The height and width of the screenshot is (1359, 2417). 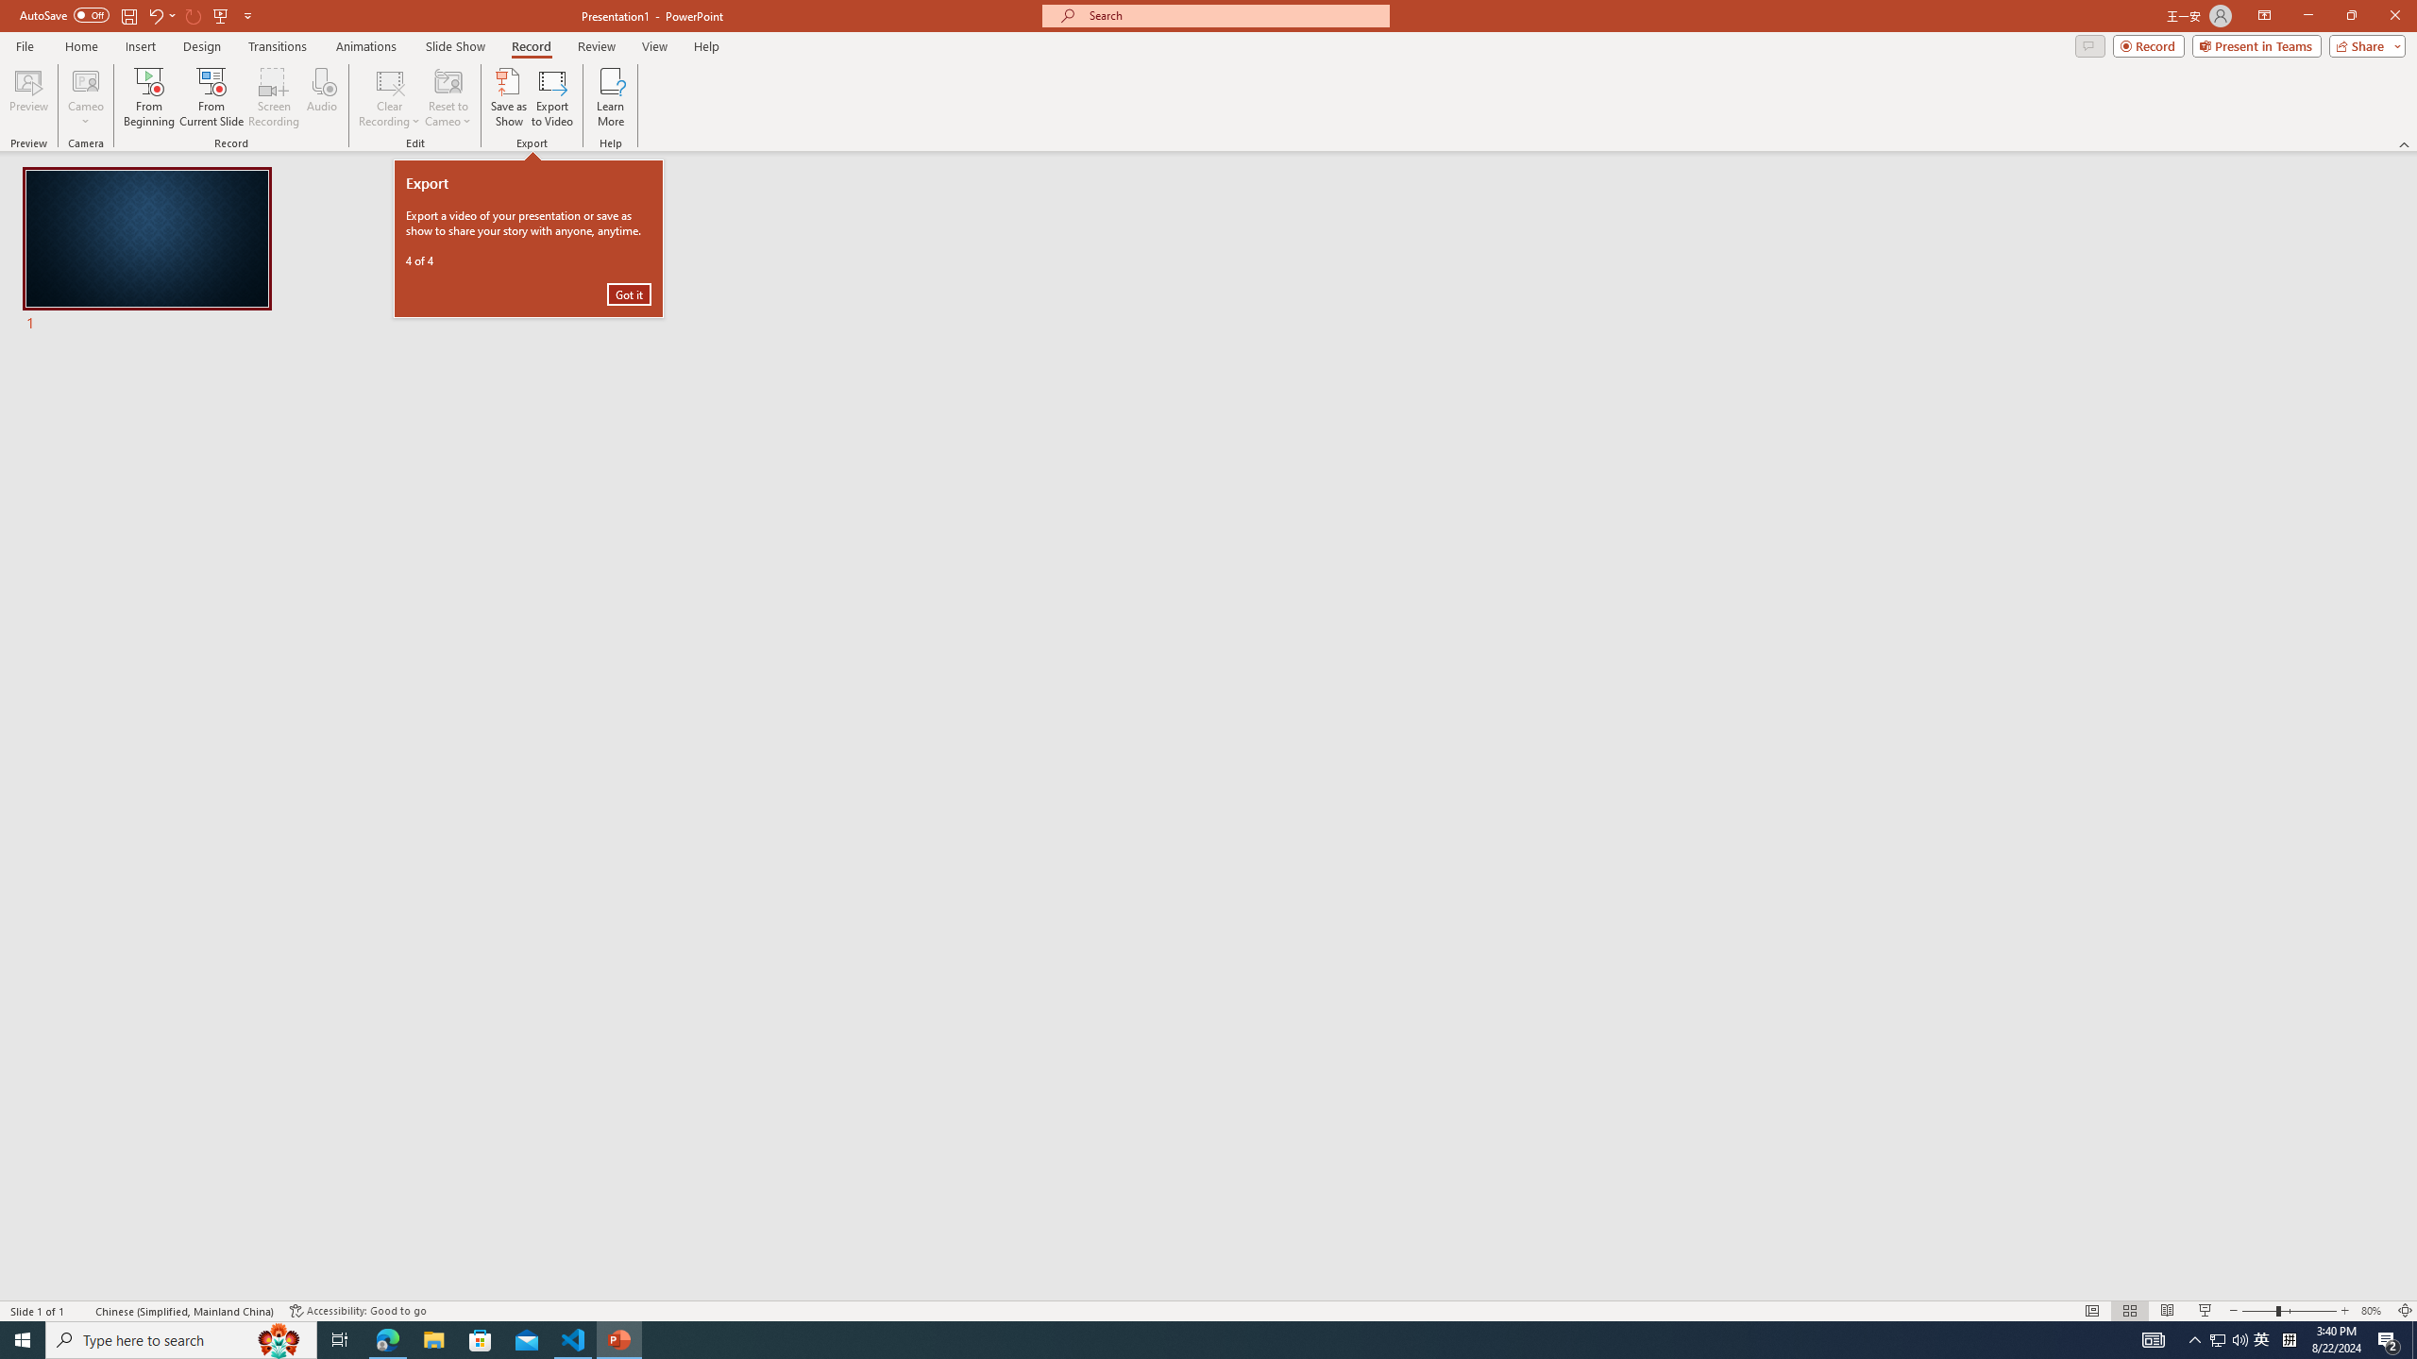 What do you see at coordinates (481, 1338) in the screenshot?
I see `'Microsoft Store'` at bounding box center [481, 1338].